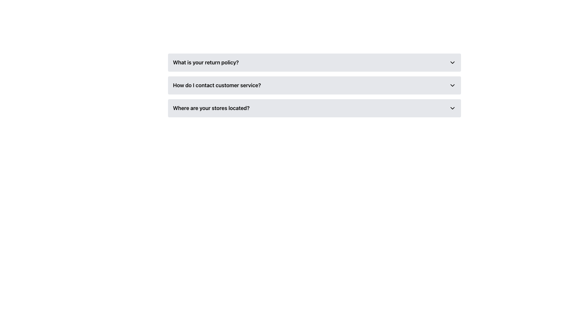  What do you see at coordinates (452, 85) in the screenshot?
I see `the collapsible content icon located on the right side of the 'How do I contact customer service?' section` at bounding box center [452, 85].